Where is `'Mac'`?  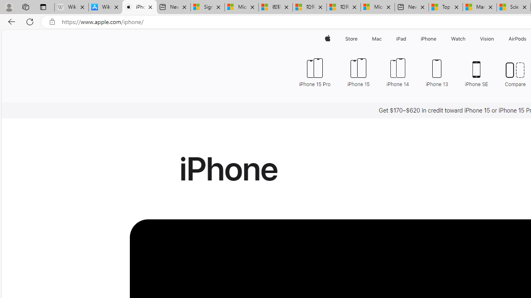
'Mac' is located at coordinates (376, 38).